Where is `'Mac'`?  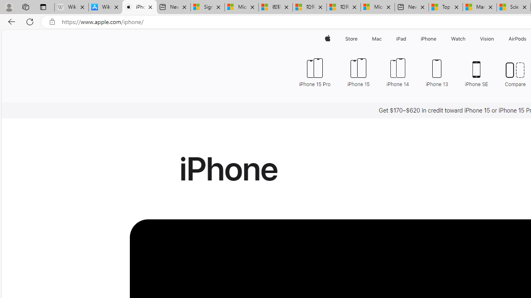
'Mac' is located at coordinates (376, 38).